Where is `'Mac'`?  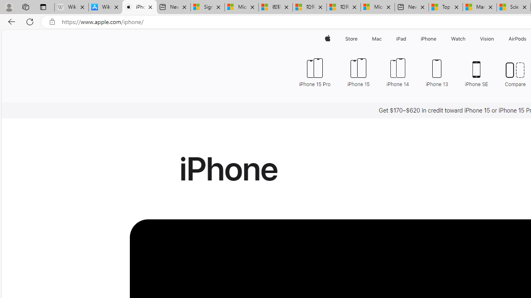
'Mac' is located at coordinates (376, 38).